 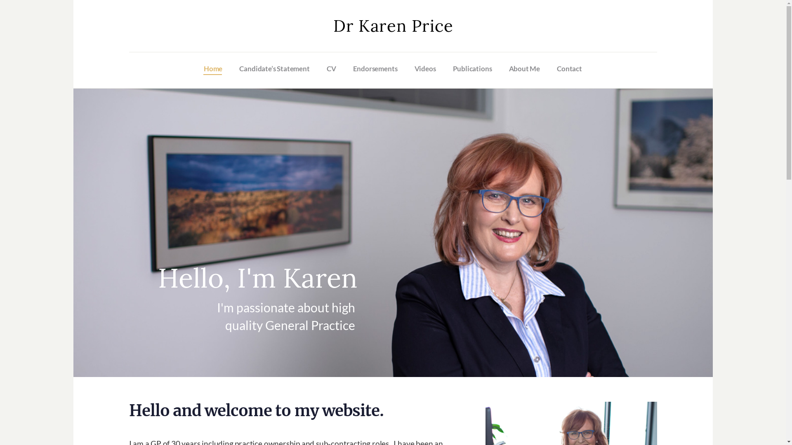 What do you see at coordinates (472, 68) in the screenshot?
I see `'Publications'` at bounding box center [472, 68].